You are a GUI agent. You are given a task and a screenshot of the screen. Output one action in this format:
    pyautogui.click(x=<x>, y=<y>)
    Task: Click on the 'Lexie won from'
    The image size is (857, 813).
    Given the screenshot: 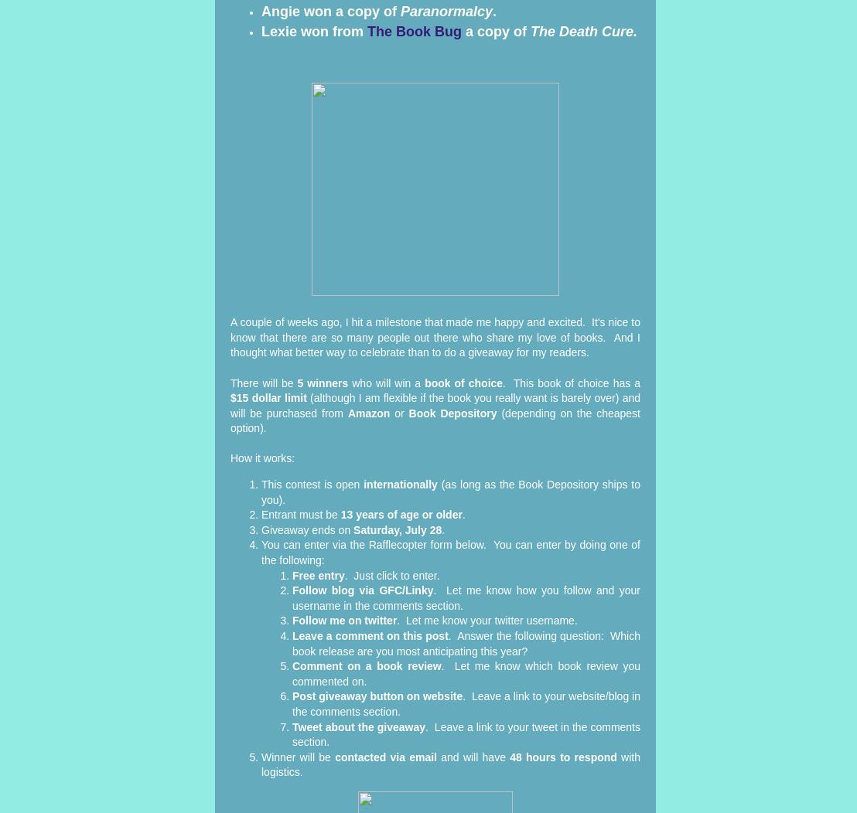 What is the action you would take?
    pyautogui.click(x=314, y=30)
    